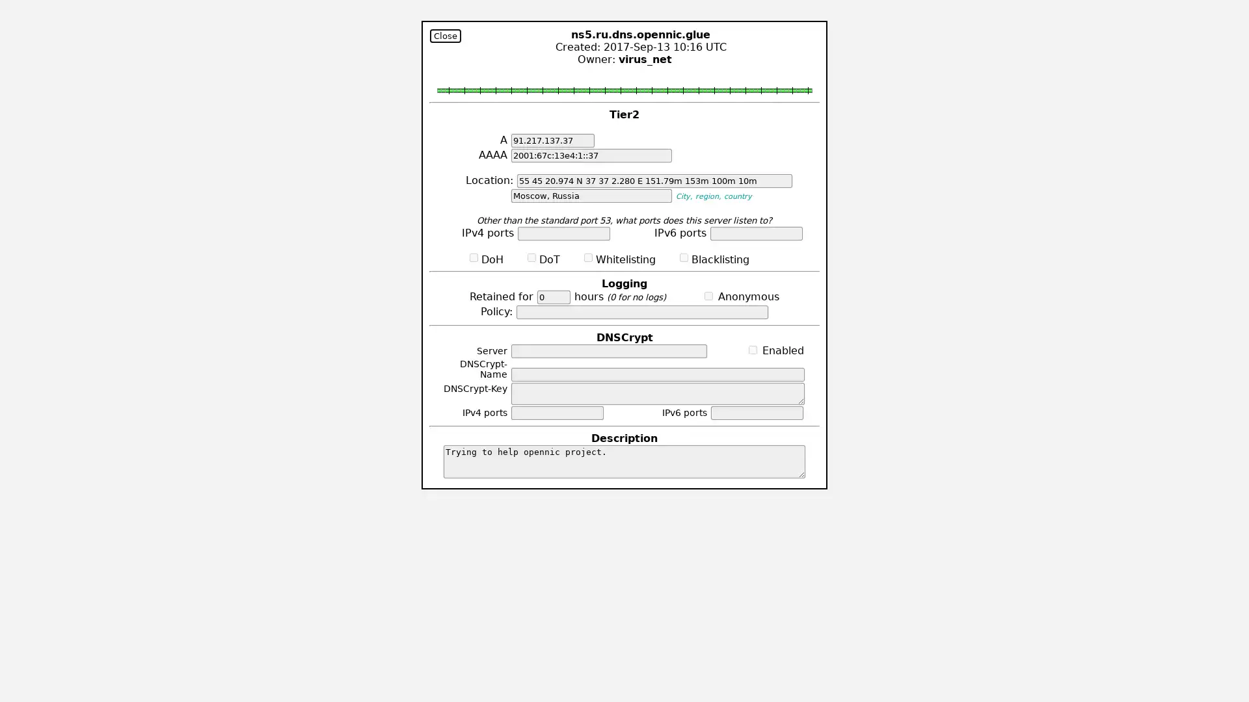  What do you see at coordinates (446, 35) in the screenshot?
I see `Close` at bounding box center [446, 35].